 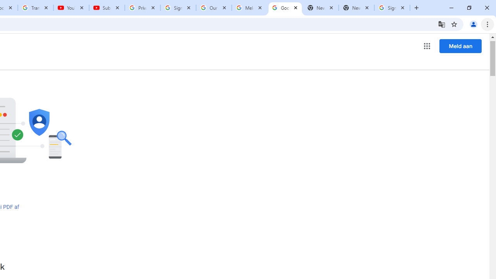 I want to click on 'Sign in - Google Accounts', so click(x=177, y=8).